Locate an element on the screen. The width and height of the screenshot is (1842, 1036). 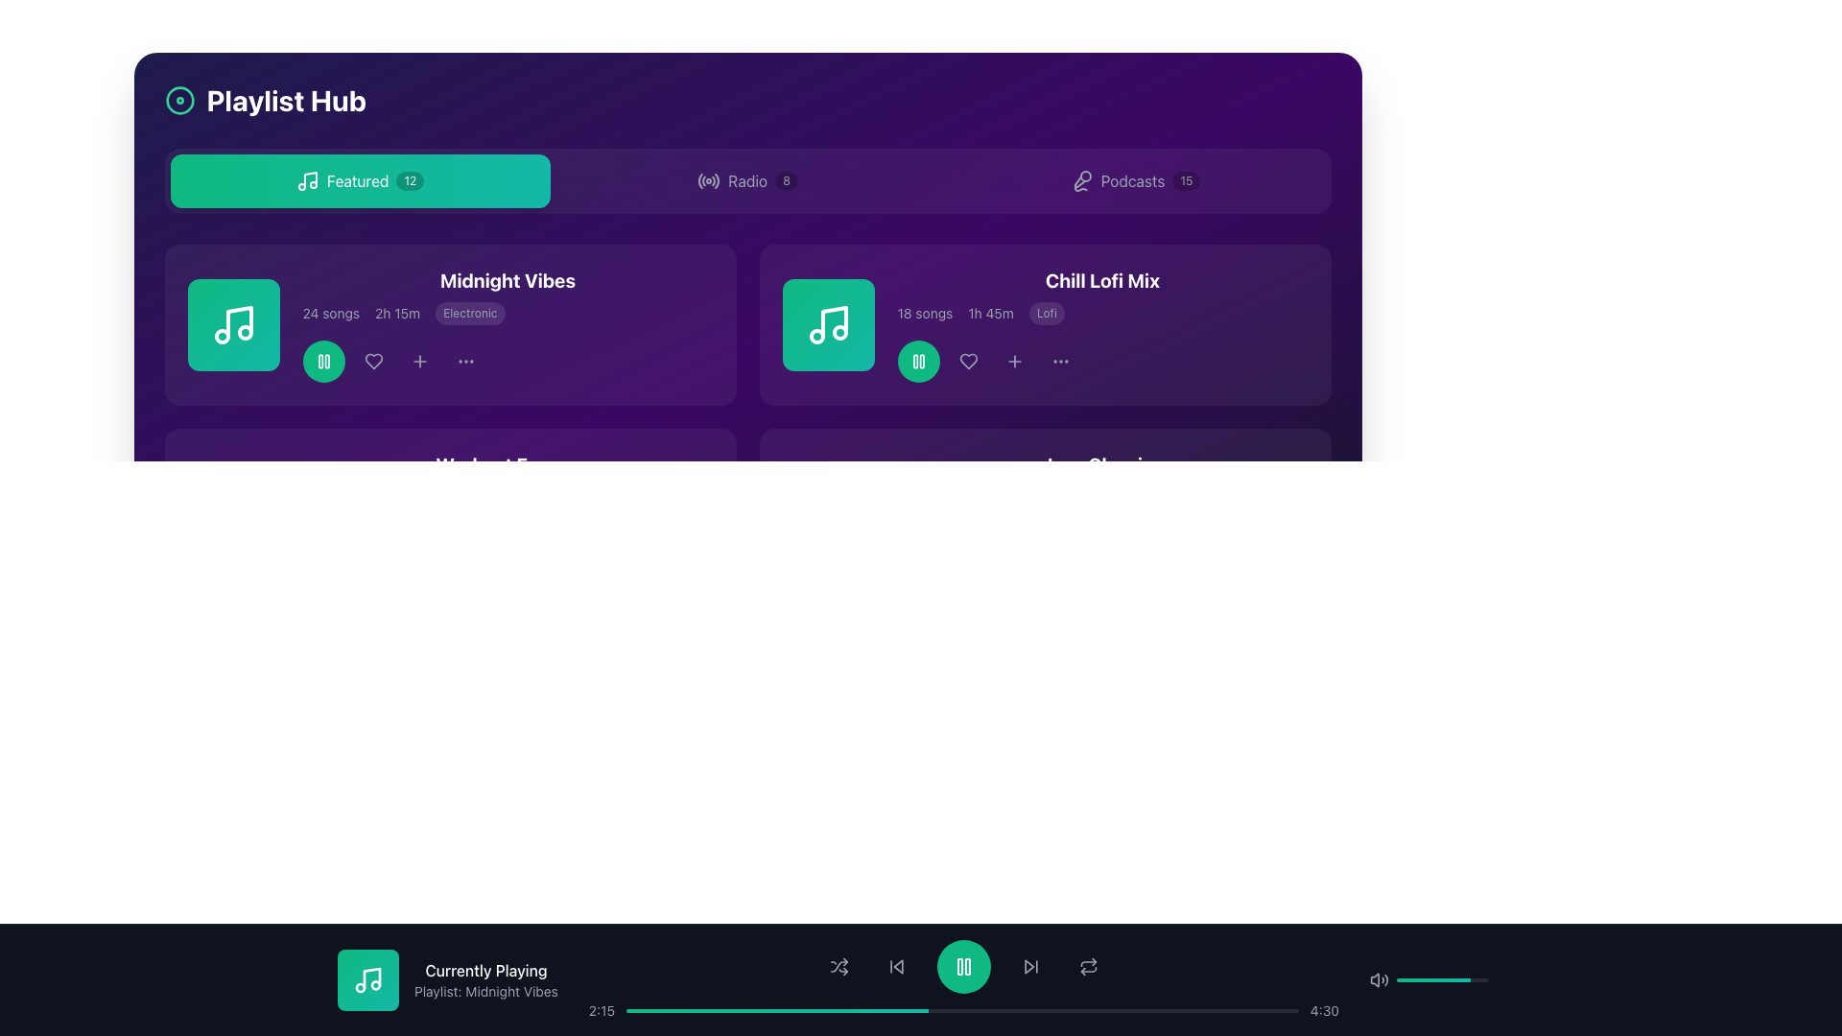
the first small SVG circle component within the music icon, which visually enhances the representation of the musical note is located at coordinates (222, 336).